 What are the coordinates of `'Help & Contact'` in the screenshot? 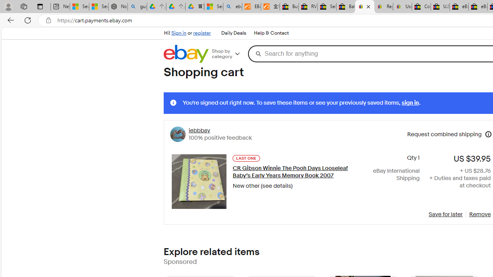 It's located at (271, 33).